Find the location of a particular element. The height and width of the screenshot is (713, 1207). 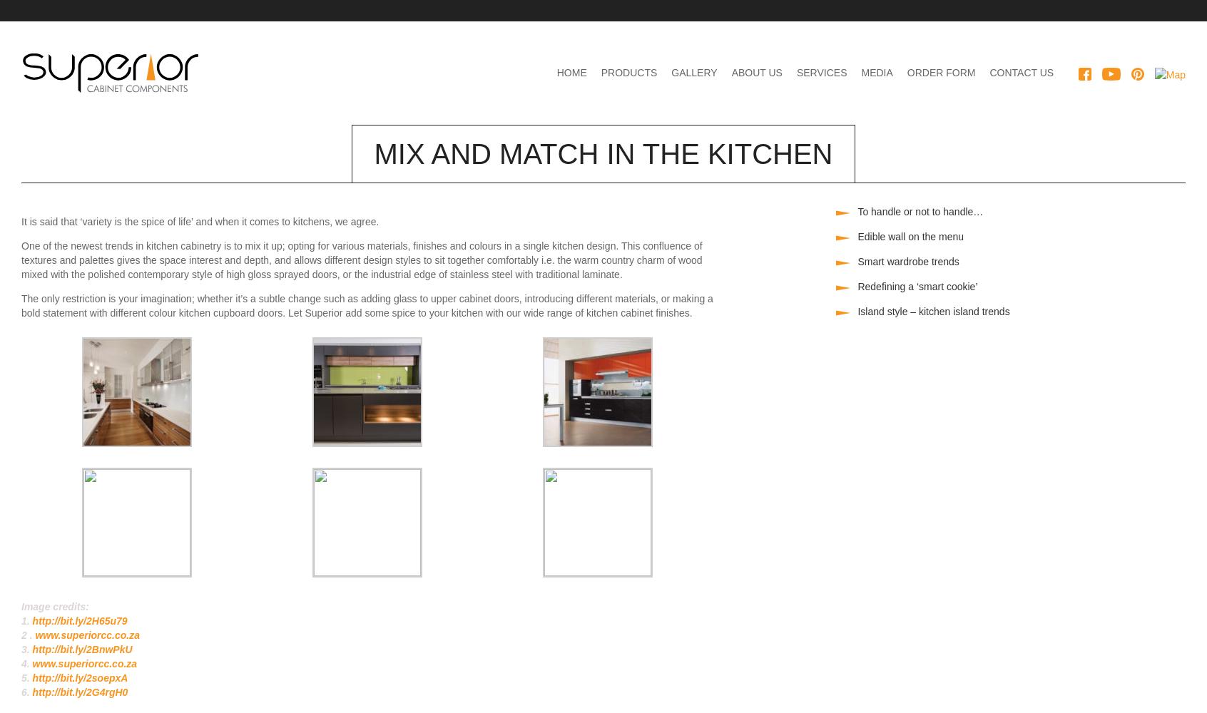

'6.' is located at coordinates (26, 692).